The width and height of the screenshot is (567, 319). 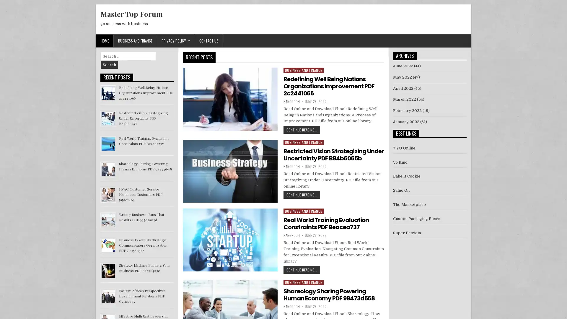 I want to click on Search, so click(x=109, y=65).